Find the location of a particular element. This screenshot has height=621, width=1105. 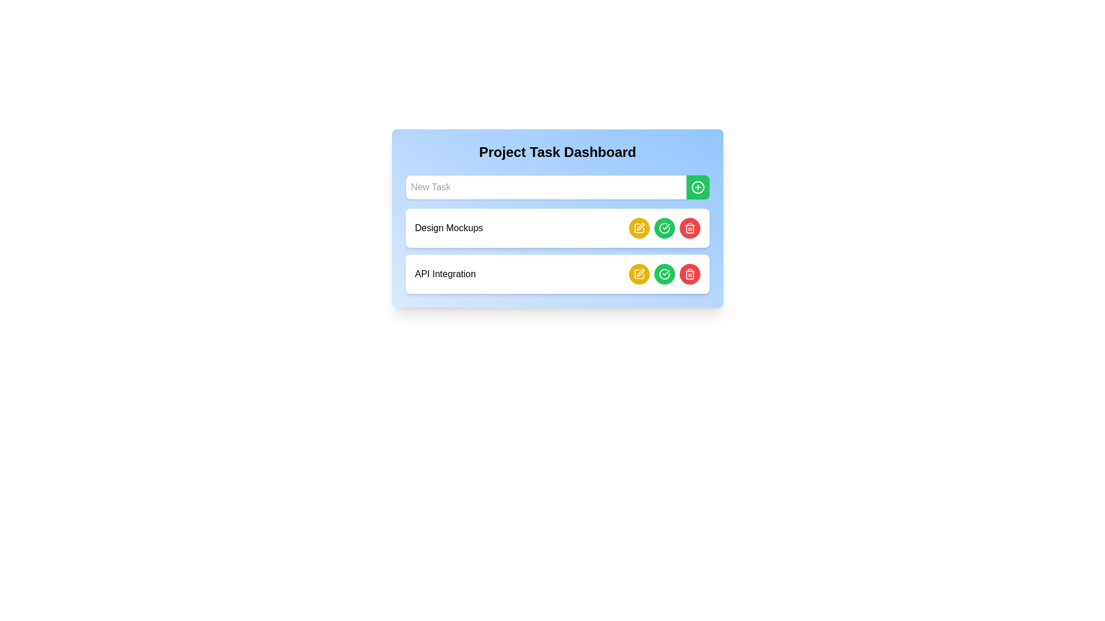

the completion button for the 'API Integration' task is located at coordinates (665, 274).